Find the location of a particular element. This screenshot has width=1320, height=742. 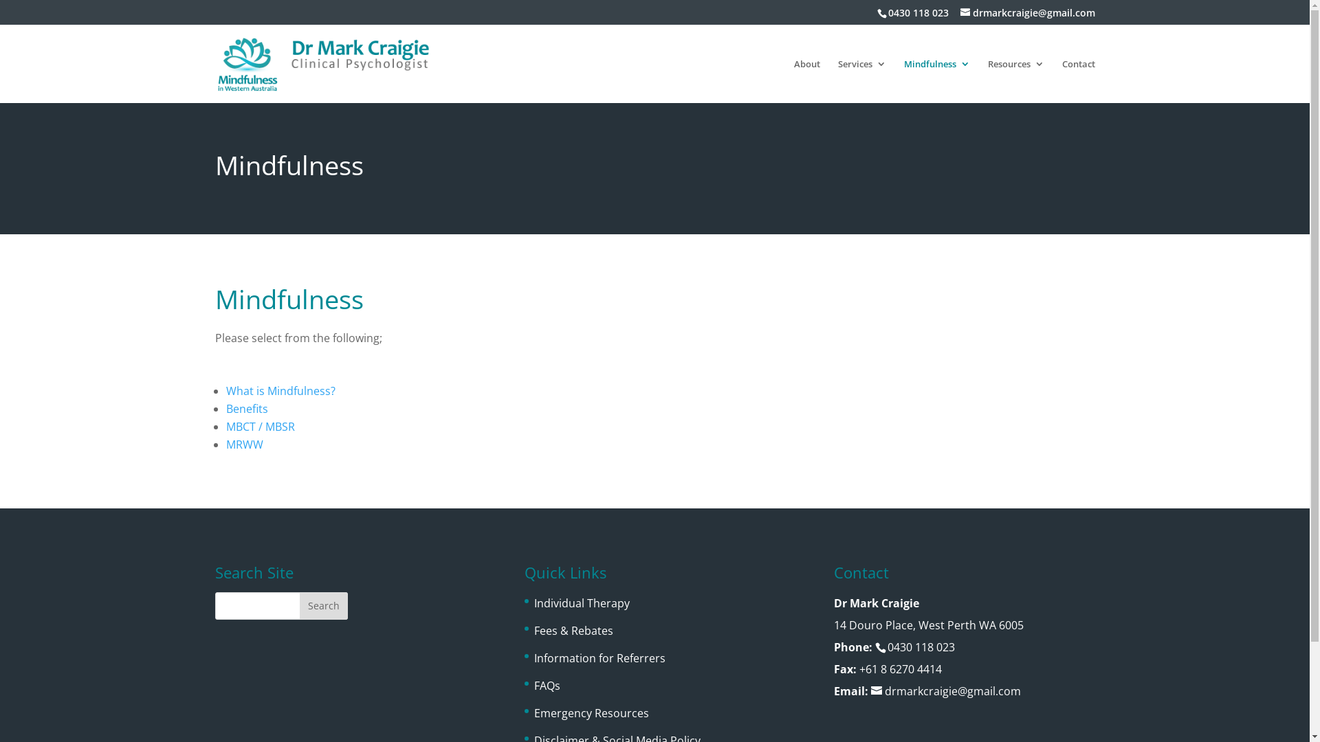

'What is Mindfulness?' is located at coordinates (279, 391).